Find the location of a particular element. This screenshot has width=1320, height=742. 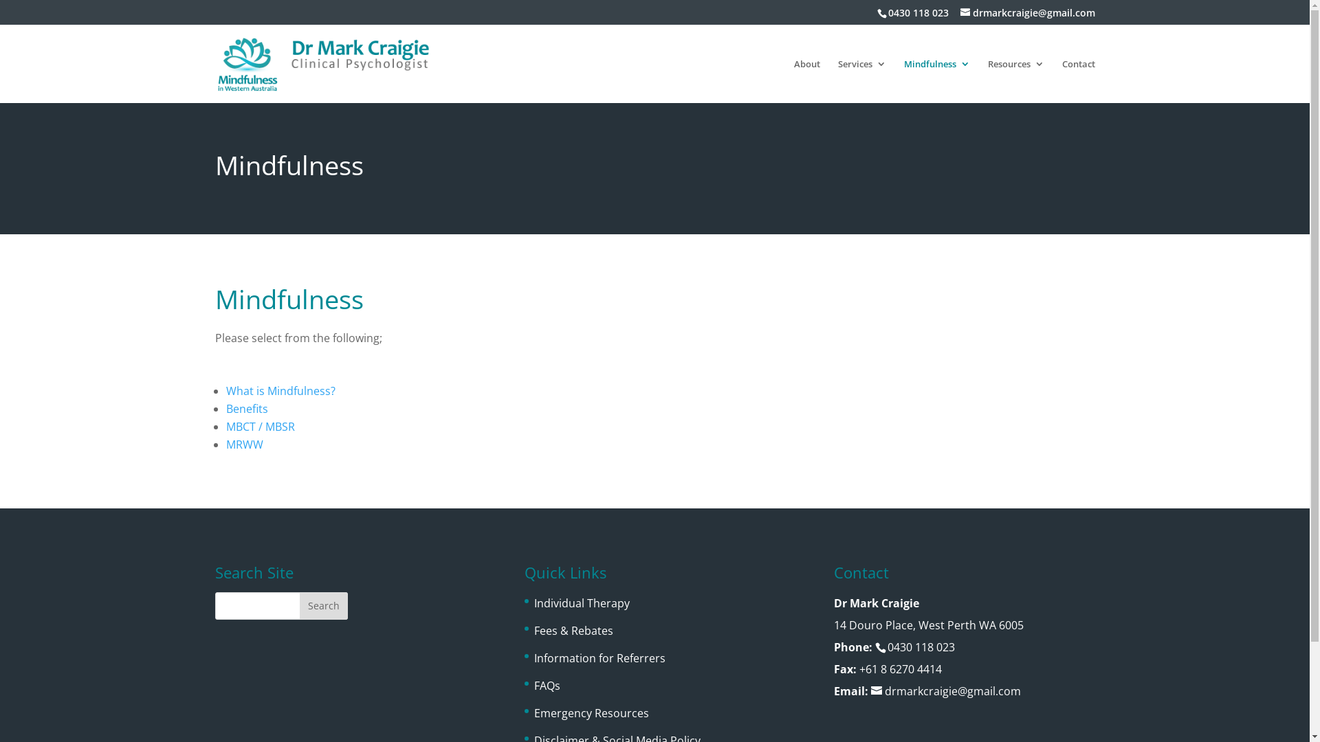

'What is Mindfulness?' is located at coordinates (279, 391).